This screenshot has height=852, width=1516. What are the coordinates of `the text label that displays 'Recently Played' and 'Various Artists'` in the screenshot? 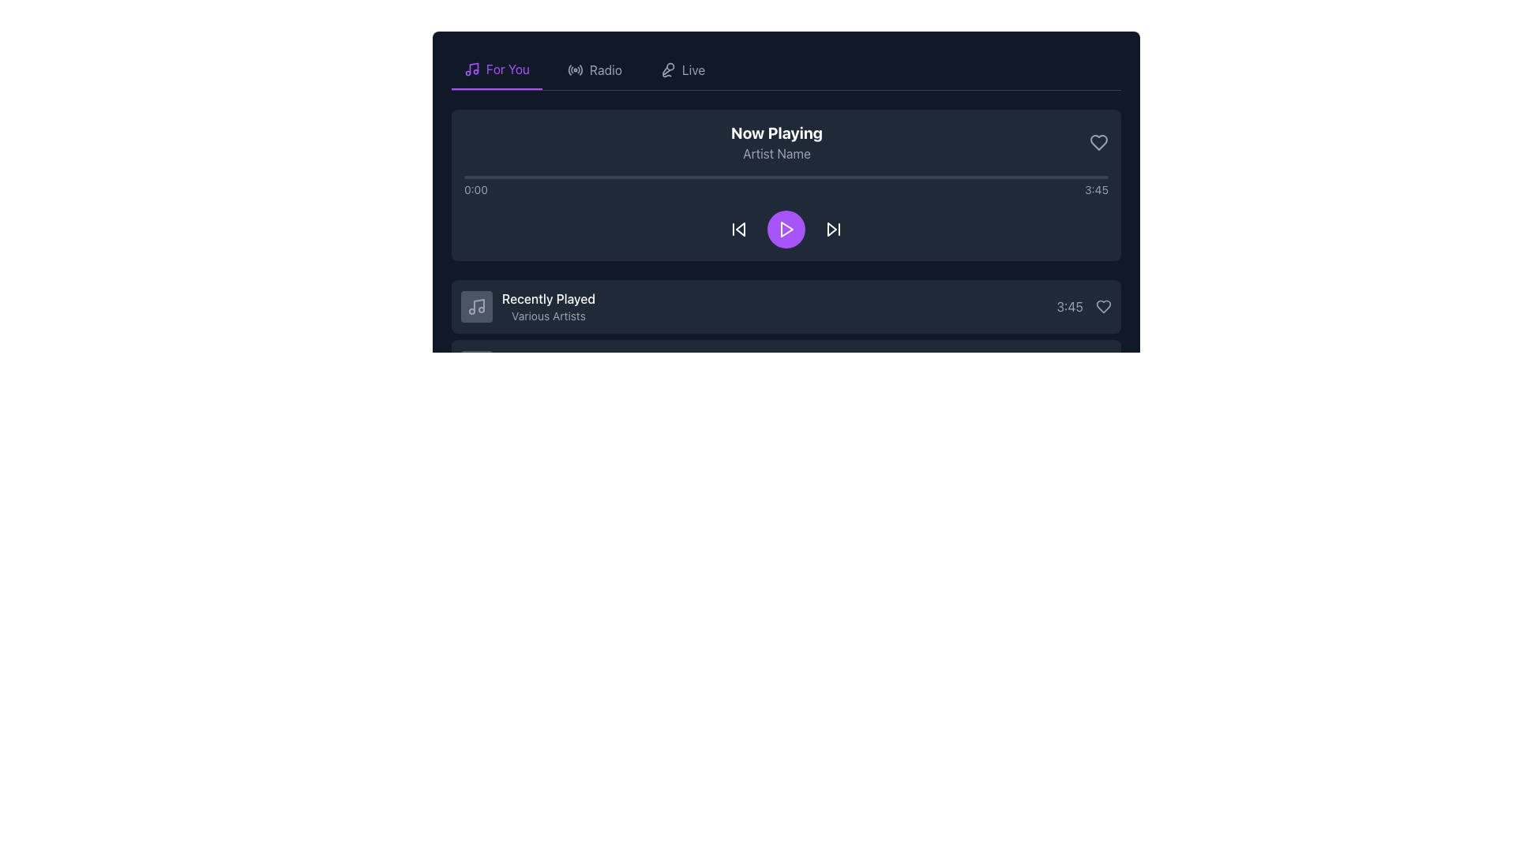 It's located at (549, 307).